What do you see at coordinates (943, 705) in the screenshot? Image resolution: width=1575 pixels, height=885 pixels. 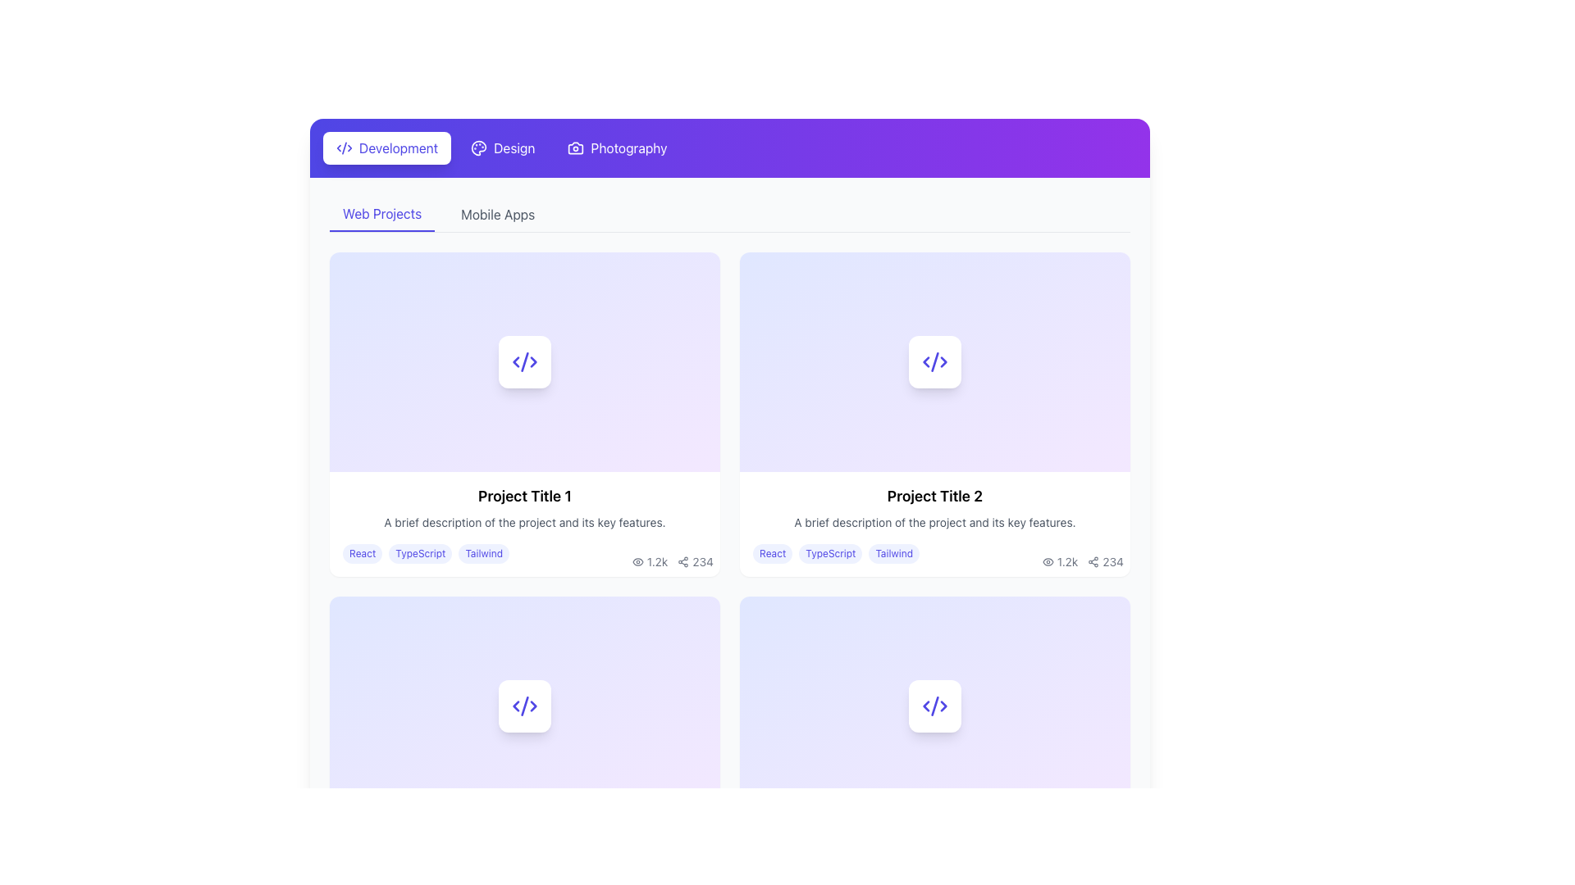 I see `the right-pointing triangular arrow icon in the lower-right quadrant of the interface, which is part of a three-component icon group and designed with a thin purple stroke` at bounding box center [943, 705].